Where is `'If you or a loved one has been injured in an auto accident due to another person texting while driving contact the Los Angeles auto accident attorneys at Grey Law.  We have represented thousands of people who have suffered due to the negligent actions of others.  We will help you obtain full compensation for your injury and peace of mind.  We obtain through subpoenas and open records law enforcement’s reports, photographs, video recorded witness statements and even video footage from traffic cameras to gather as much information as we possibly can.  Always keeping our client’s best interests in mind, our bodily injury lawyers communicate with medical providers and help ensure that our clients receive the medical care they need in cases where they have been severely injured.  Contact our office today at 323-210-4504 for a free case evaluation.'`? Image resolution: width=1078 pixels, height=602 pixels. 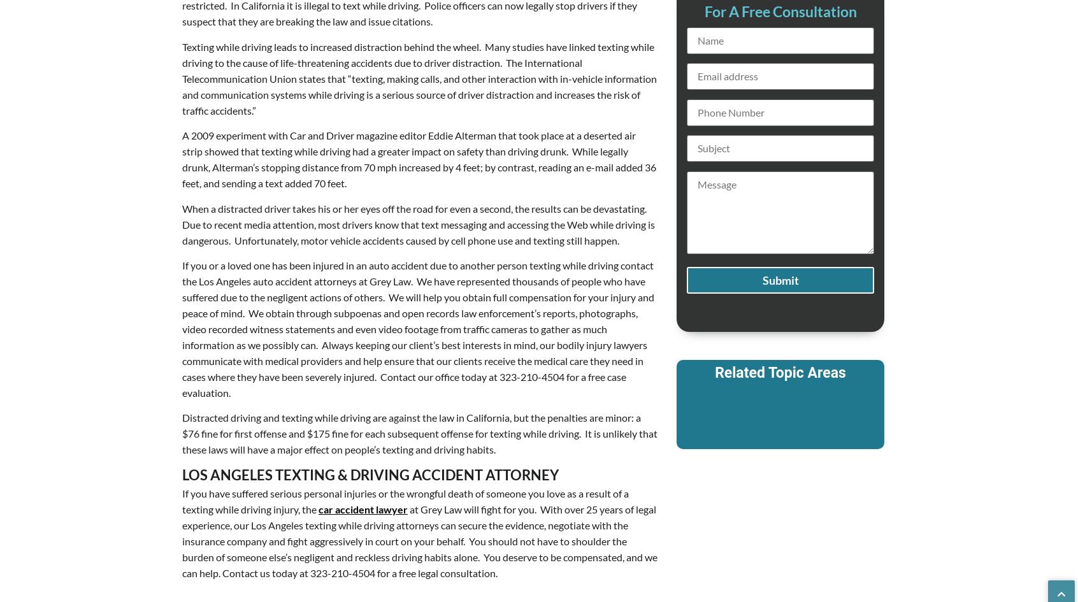
'If you or a loved one has been injured in an auto accident due to another person texting while driving contact the Los Angeles auto accident attorneys at Grey Law.  We have represented thousands of people who have suffered due to the negligent actions of others.  We will help you obtain full compensation for your injury and peace of mind.  We obtain through subpoenas and open records law enforcement’s reports, photographs, video recorded witness statements and even video footage from traffic cameras to gather as much information as we possibly can.  Always keeping our client’s best interests in mind, our bodily injury lawyers communicate with medical providers and help ensure that our clients receive the medical care they need in cases where they have been severely injured.  Contact our office today at 323-210-4504 for a free case evaluation.' is located at coordinates (181, 328).